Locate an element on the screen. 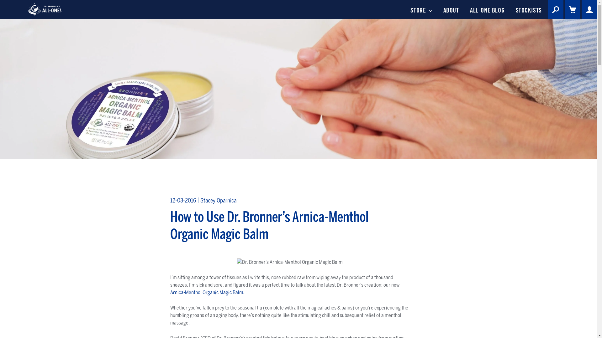 This screenshot has height=338, width=602. 'ABOUT' is located at coordinates (451, 9).